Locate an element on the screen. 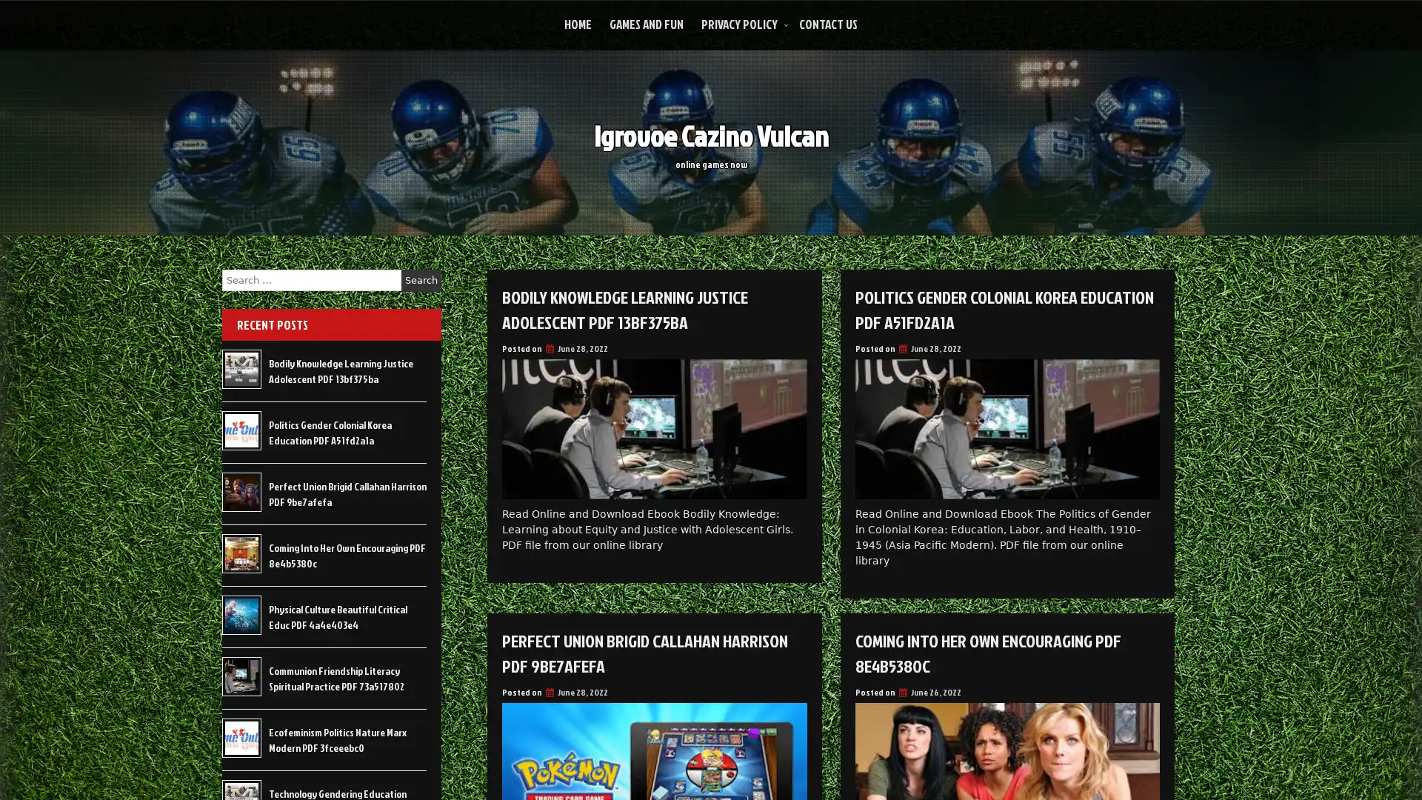 The height and width of the screenshot is (800, 1422). Search is located at coordinates (421, 280).